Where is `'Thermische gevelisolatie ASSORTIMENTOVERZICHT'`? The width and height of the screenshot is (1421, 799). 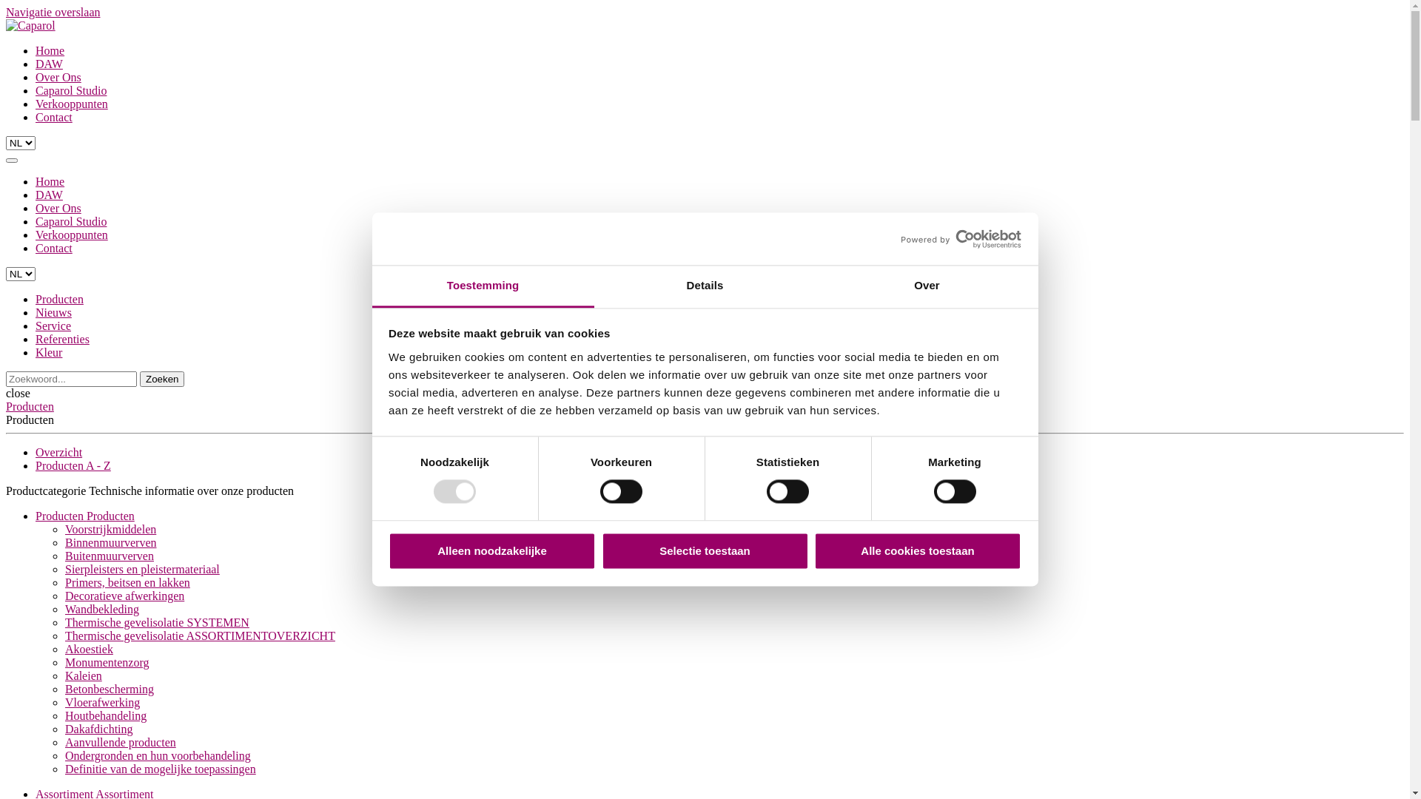
'Thermische gevelisolatie ASSORTIMENTOVERZICHT' is located at coordinates (199, 635).